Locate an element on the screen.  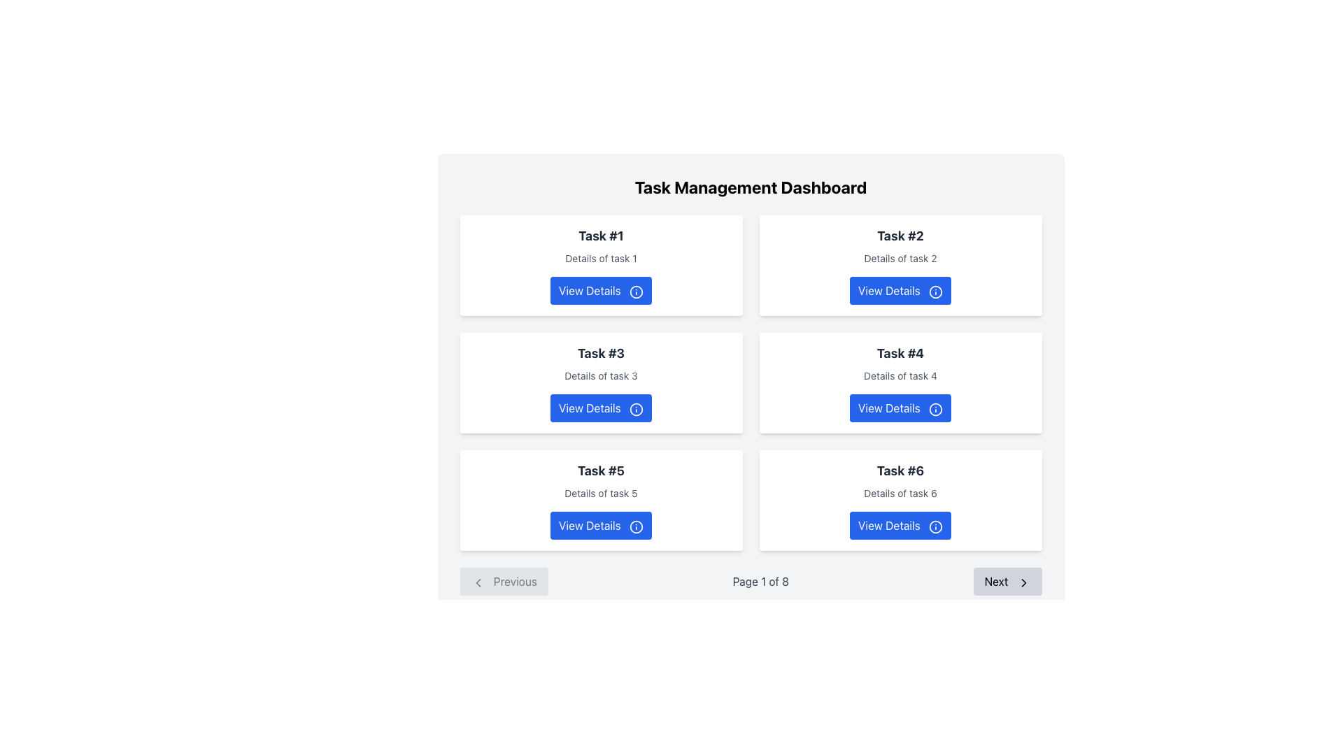
the circular Decorative Icon with an 'i' symbol located within the 'View Details' button in the bottom-left card labeled 'Task #5' is located at coordinates (635, 526).